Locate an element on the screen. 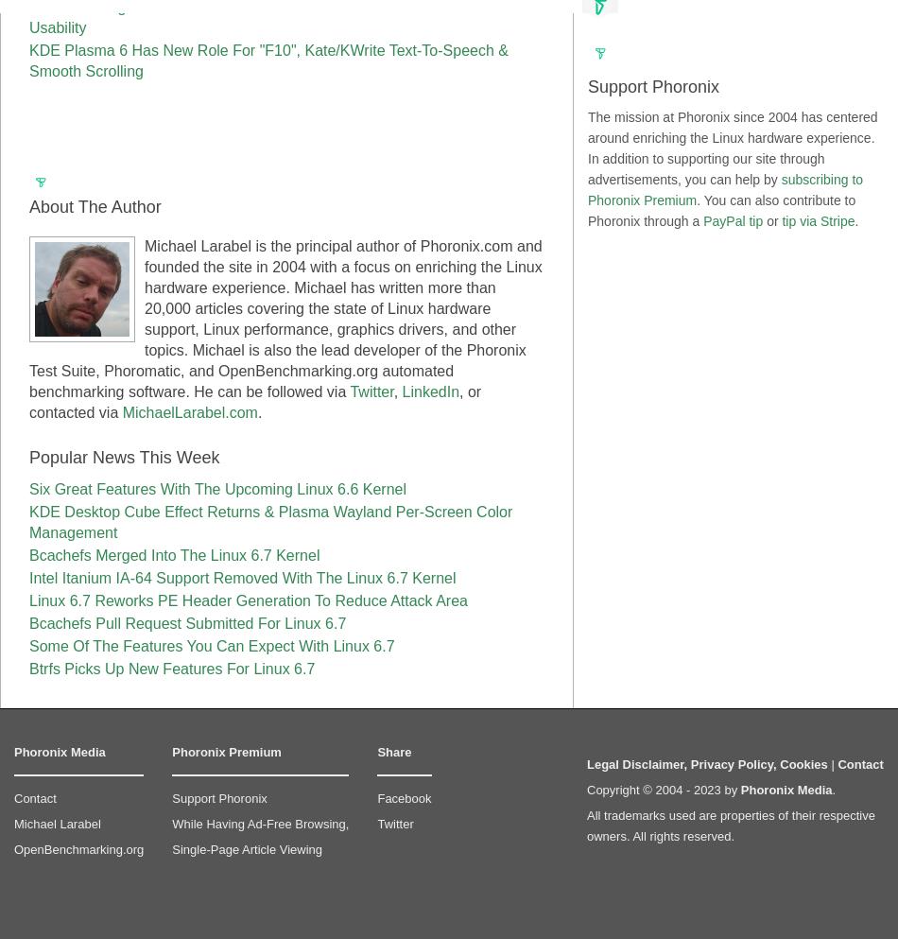  'Copyright © 2004 - 2023 by' is located at coordinates (663, 790).